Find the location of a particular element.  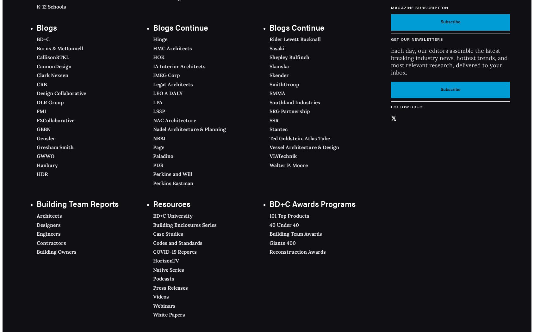

'Magazine Subscription' is located at coordinates (419, 7).